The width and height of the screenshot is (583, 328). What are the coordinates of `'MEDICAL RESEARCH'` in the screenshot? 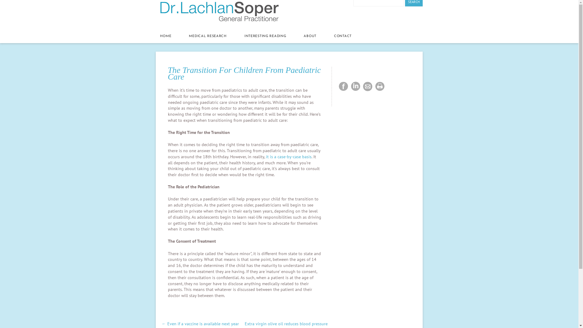 It's located at (208, 36).